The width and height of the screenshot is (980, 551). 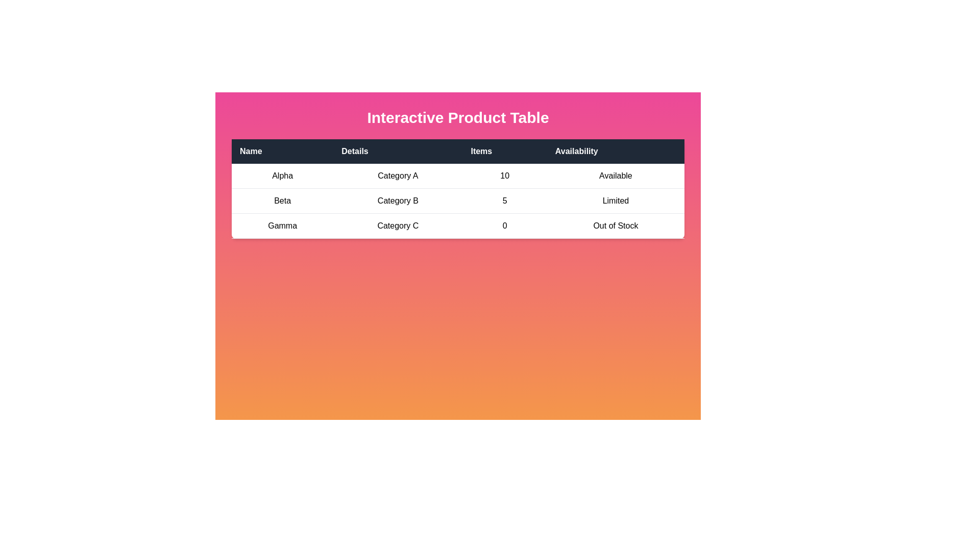 I want to click on the Text Display Field that shows the number of items available, which is currently zero, located in the third column of the 'Gamma' row and 'Category C', right before the 'Out of Stock' cell in the last row of the table, so click(x=505, y=226).